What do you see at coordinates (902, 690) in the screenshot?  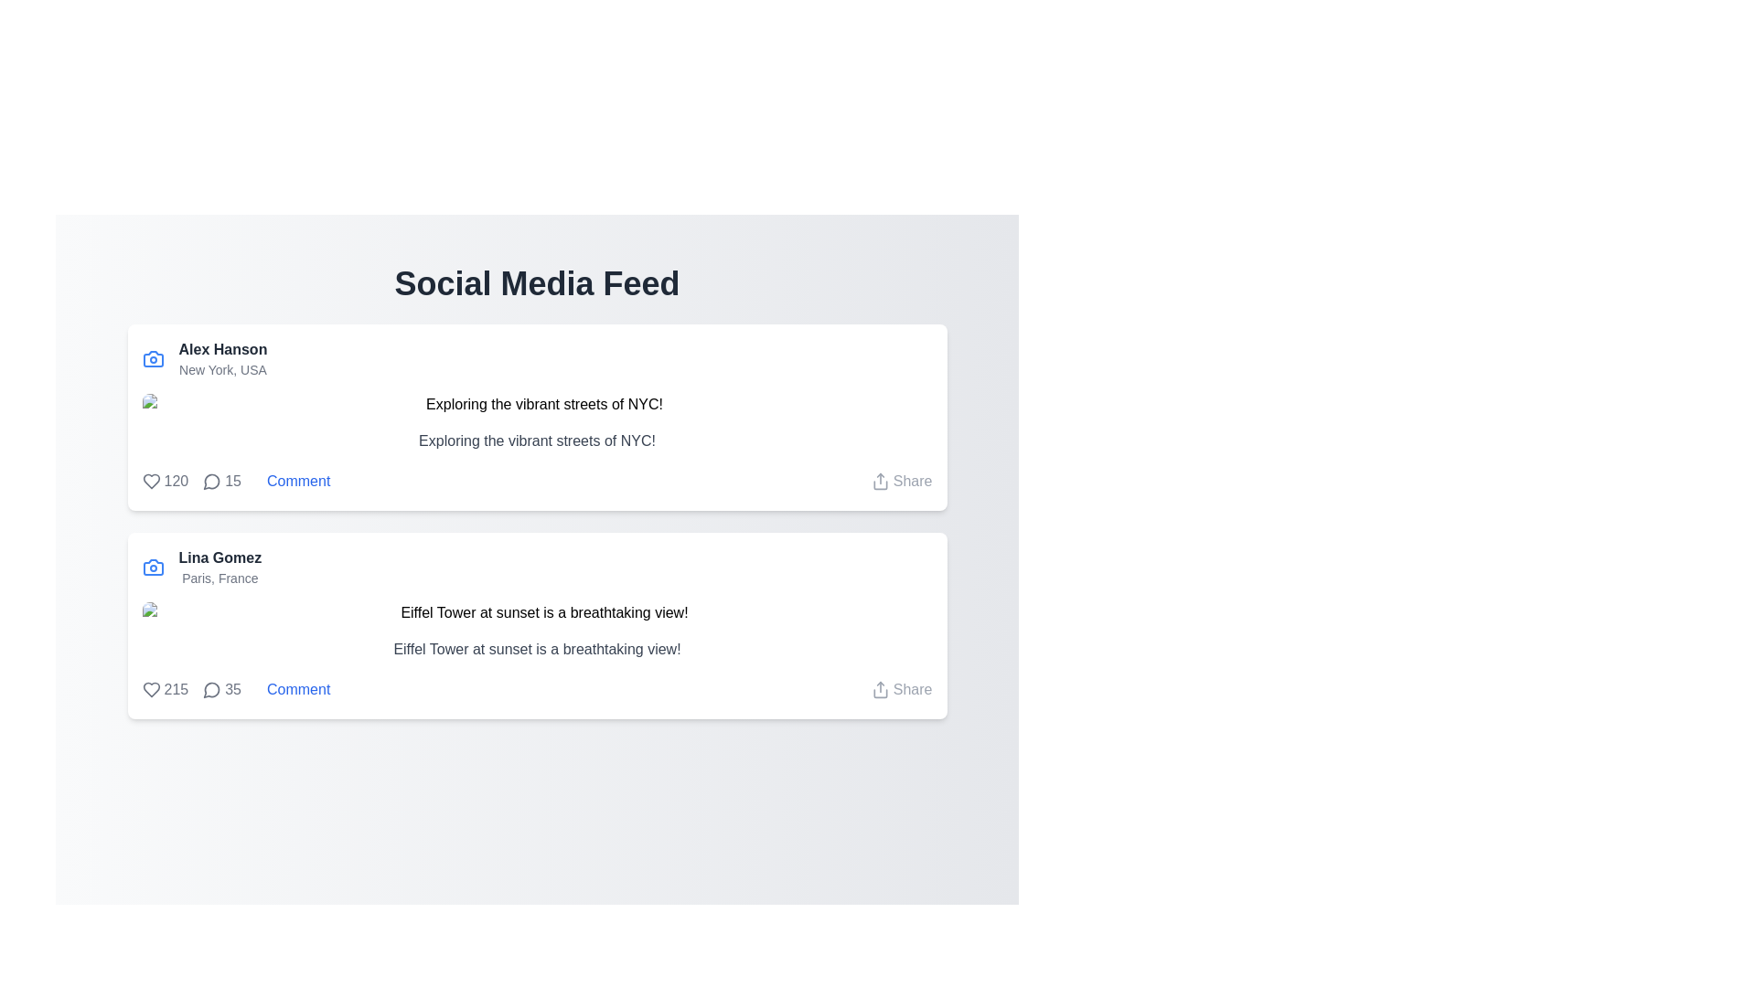 I see `the 'Share' button located in the lower right corner of the second post to observe the styling change from gray to blue` at bounding box center [902, 690].